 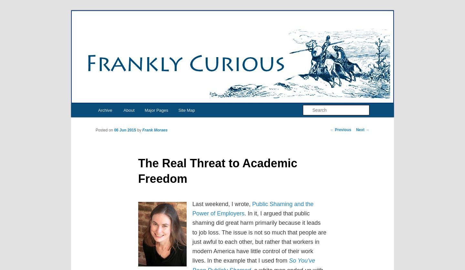 I want to click on 'The Real Threat to Academic Freedom', so click(x=217, y=170).